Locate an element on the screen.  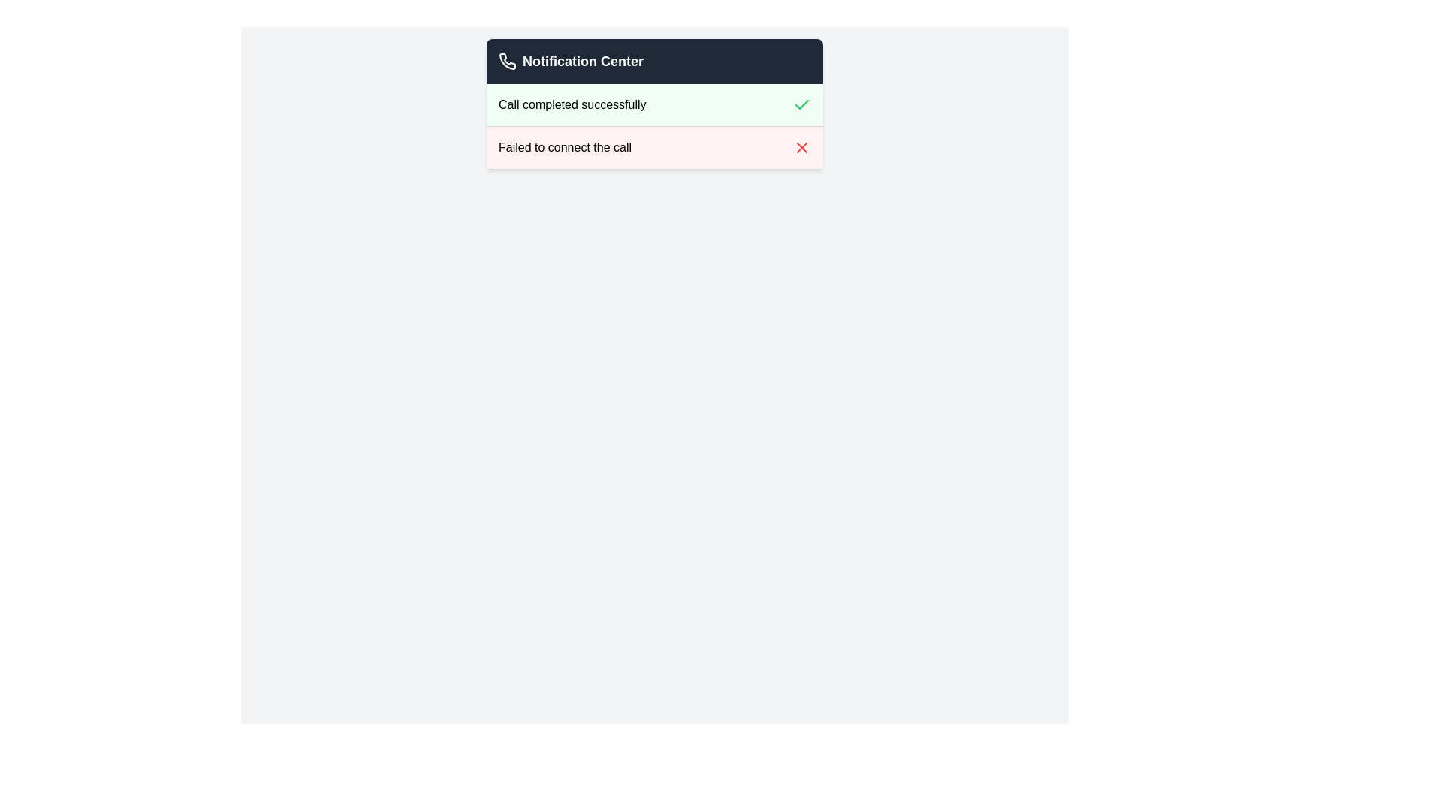
the green checkmark icon located at the top-right of the notification panel indicating 'Call completed successfully' is located at coordinates (801, 104).